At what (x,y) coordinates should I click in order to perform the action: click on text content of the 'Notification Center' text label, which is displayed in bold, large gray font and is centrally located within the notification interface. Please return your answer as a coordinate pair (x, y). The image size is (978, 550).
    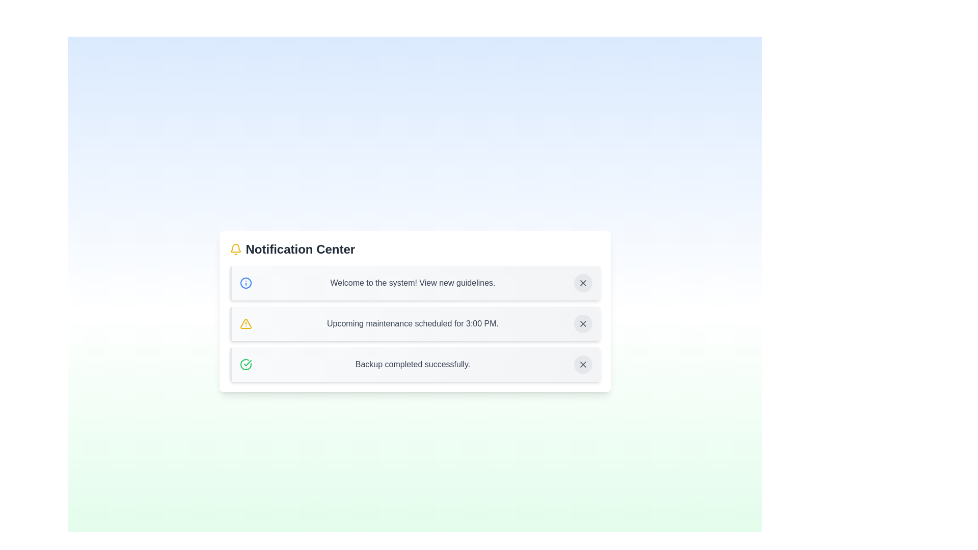
    Looking at the image, I should click on (300, 249).